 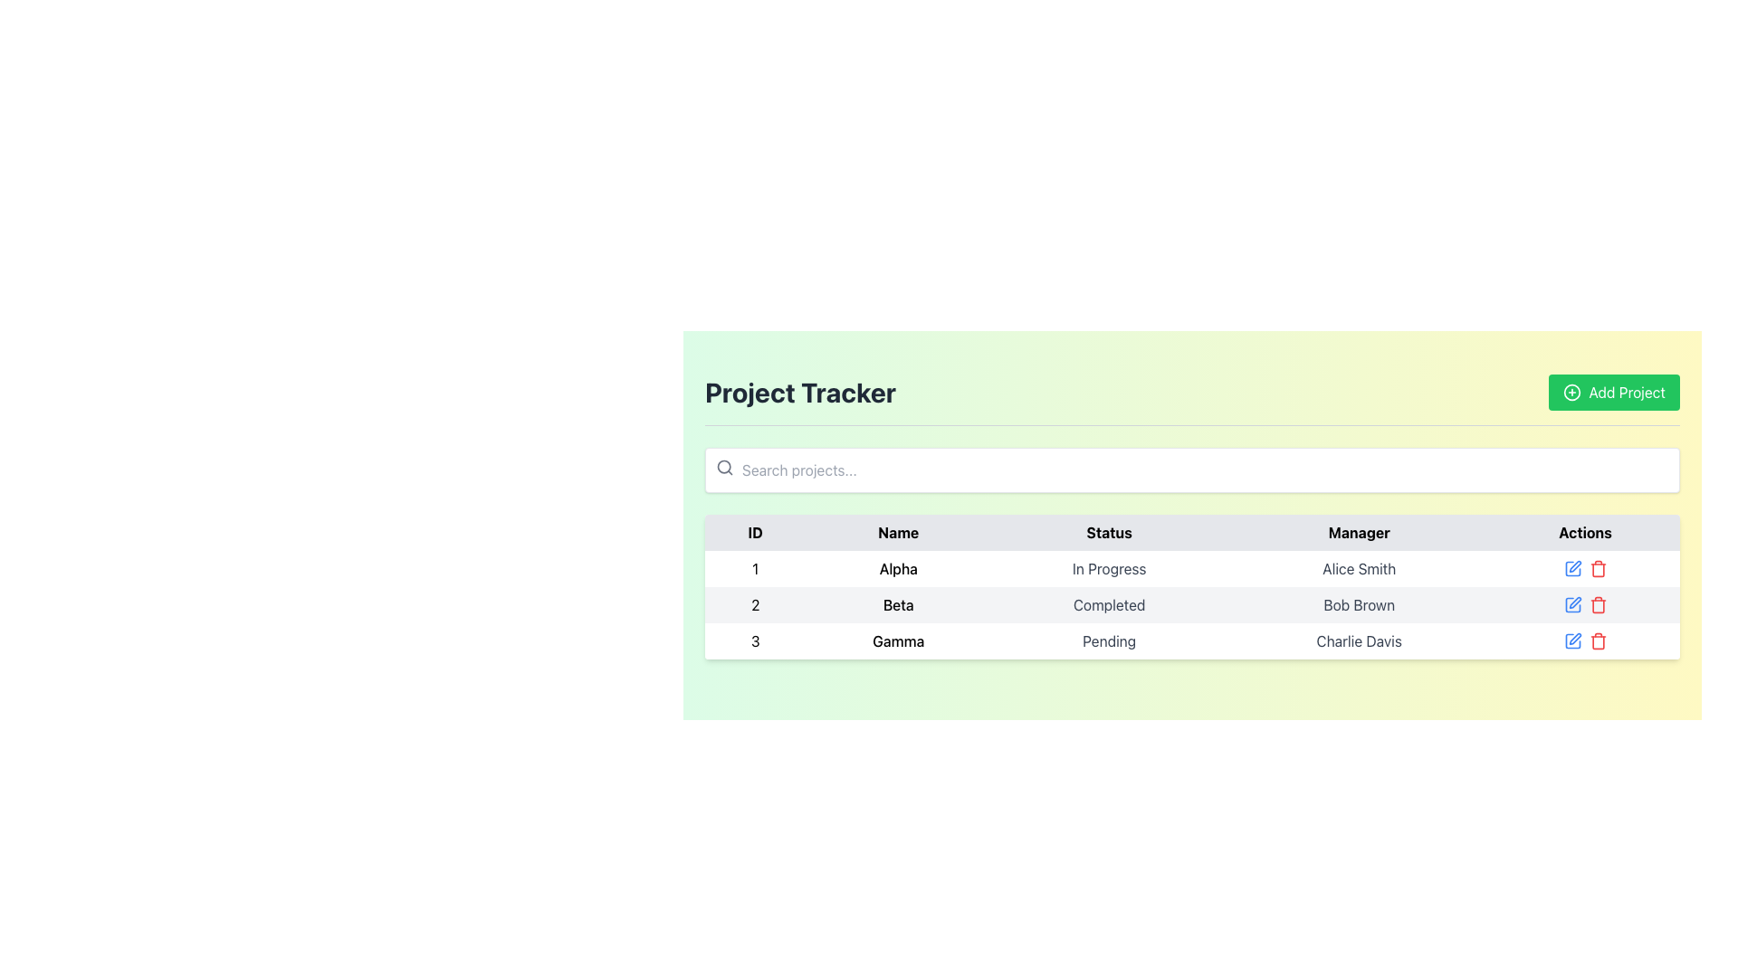 I want to click on the red trash can icon in the Interactive icon group located in the last column of the first row under the 'Actions' header, aligned with 'Alice Smith' in the 'Manager' column, so click(x=1584, y=567).